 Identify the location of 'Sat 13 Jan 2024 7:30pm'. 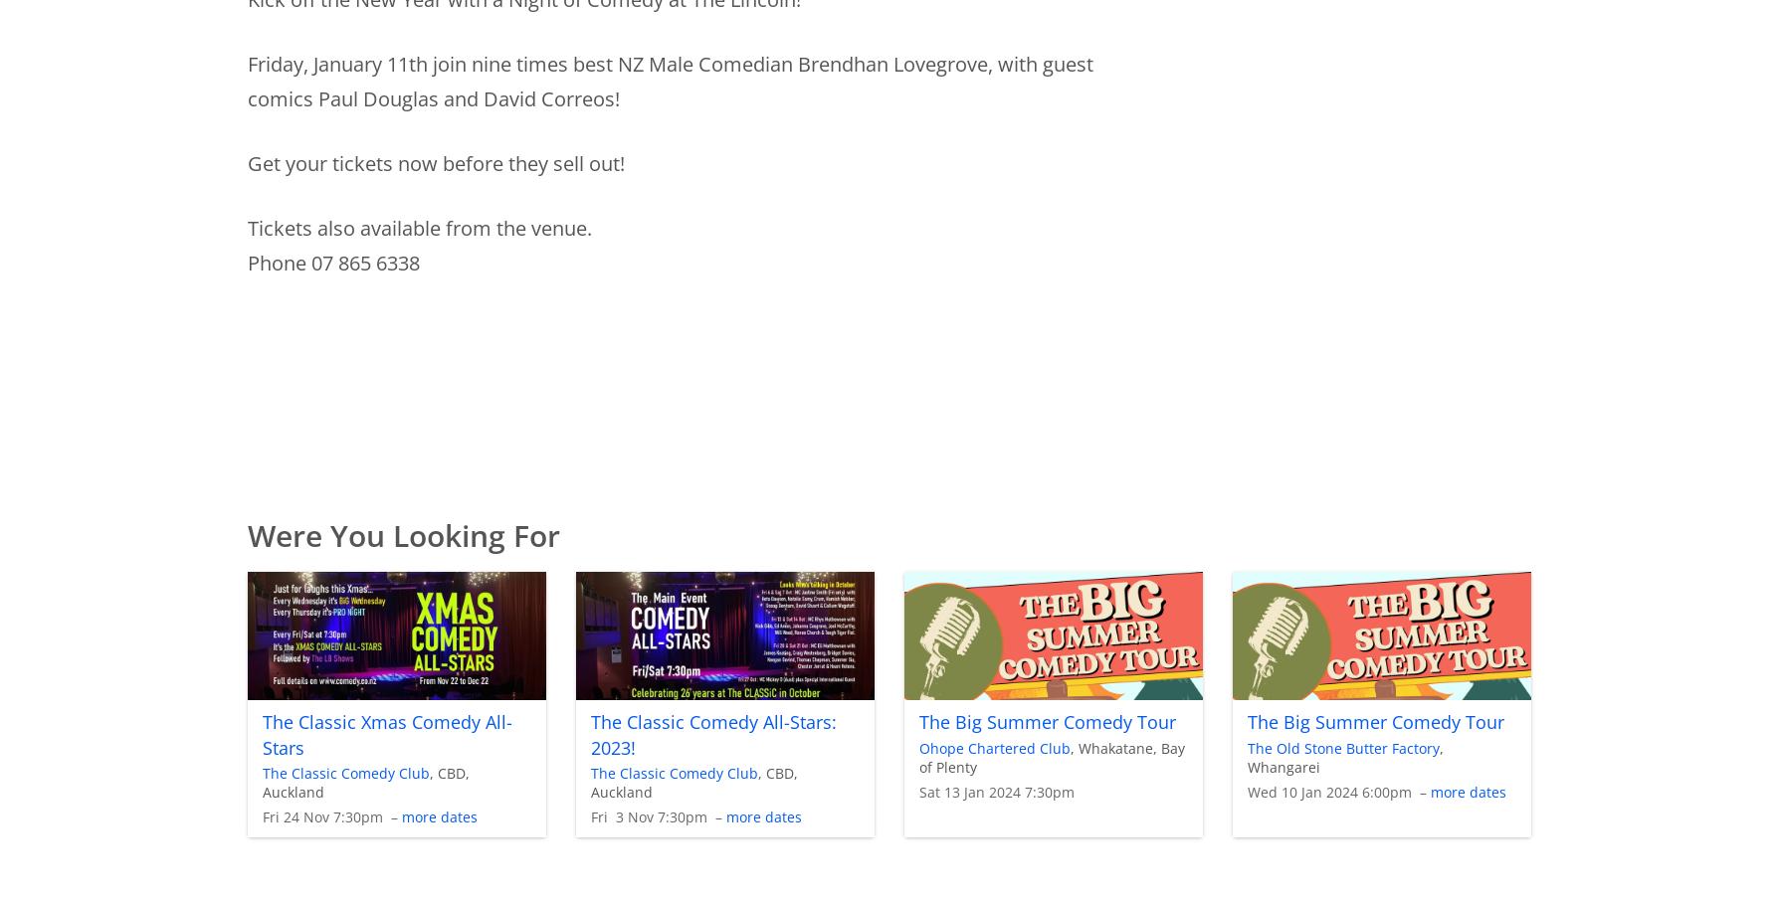
(995, 790).